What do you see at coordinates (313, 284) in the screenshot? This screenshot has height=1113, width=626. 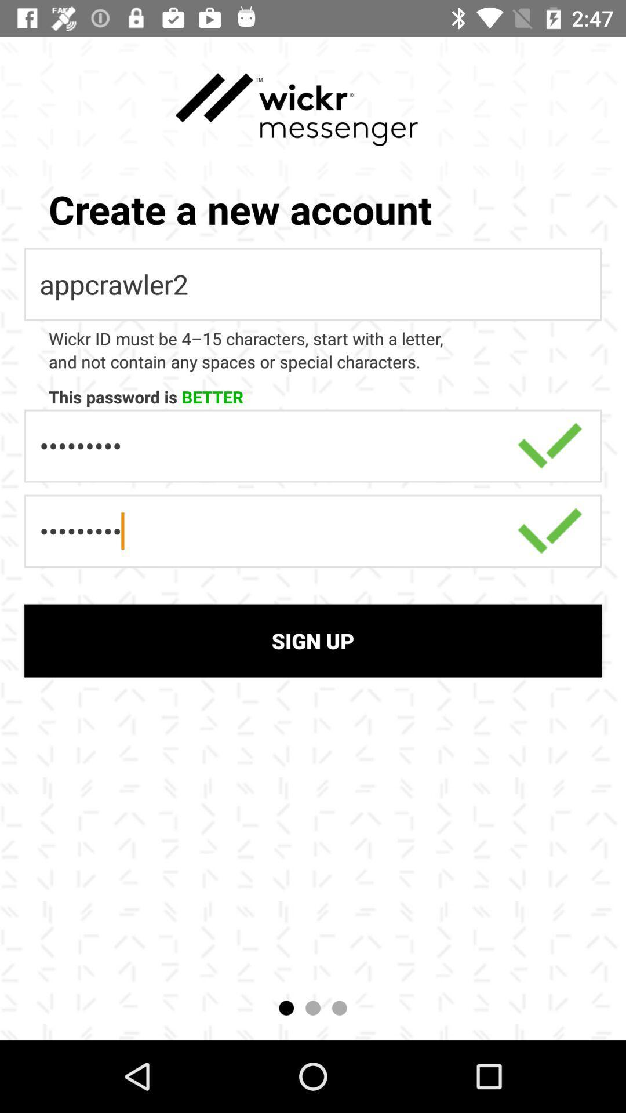 I see `the appcrawler2 icon` at bounding box center [313, 284].